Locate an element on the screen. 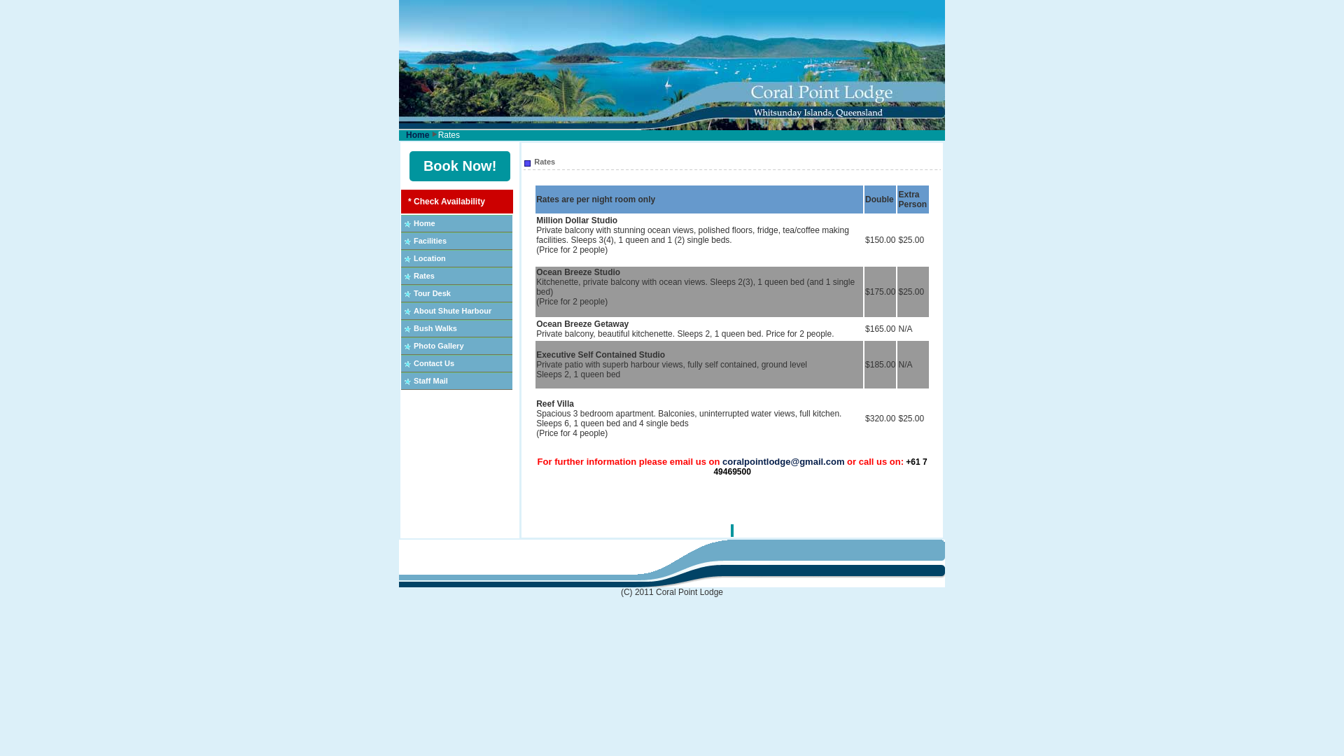 This screenshot has width=1344, height=756. 'Home' is located at coordinates (423, 223).